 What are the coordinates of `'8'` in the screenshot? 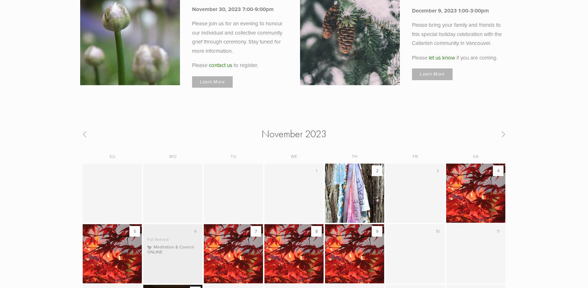 It's located at (315, 231).